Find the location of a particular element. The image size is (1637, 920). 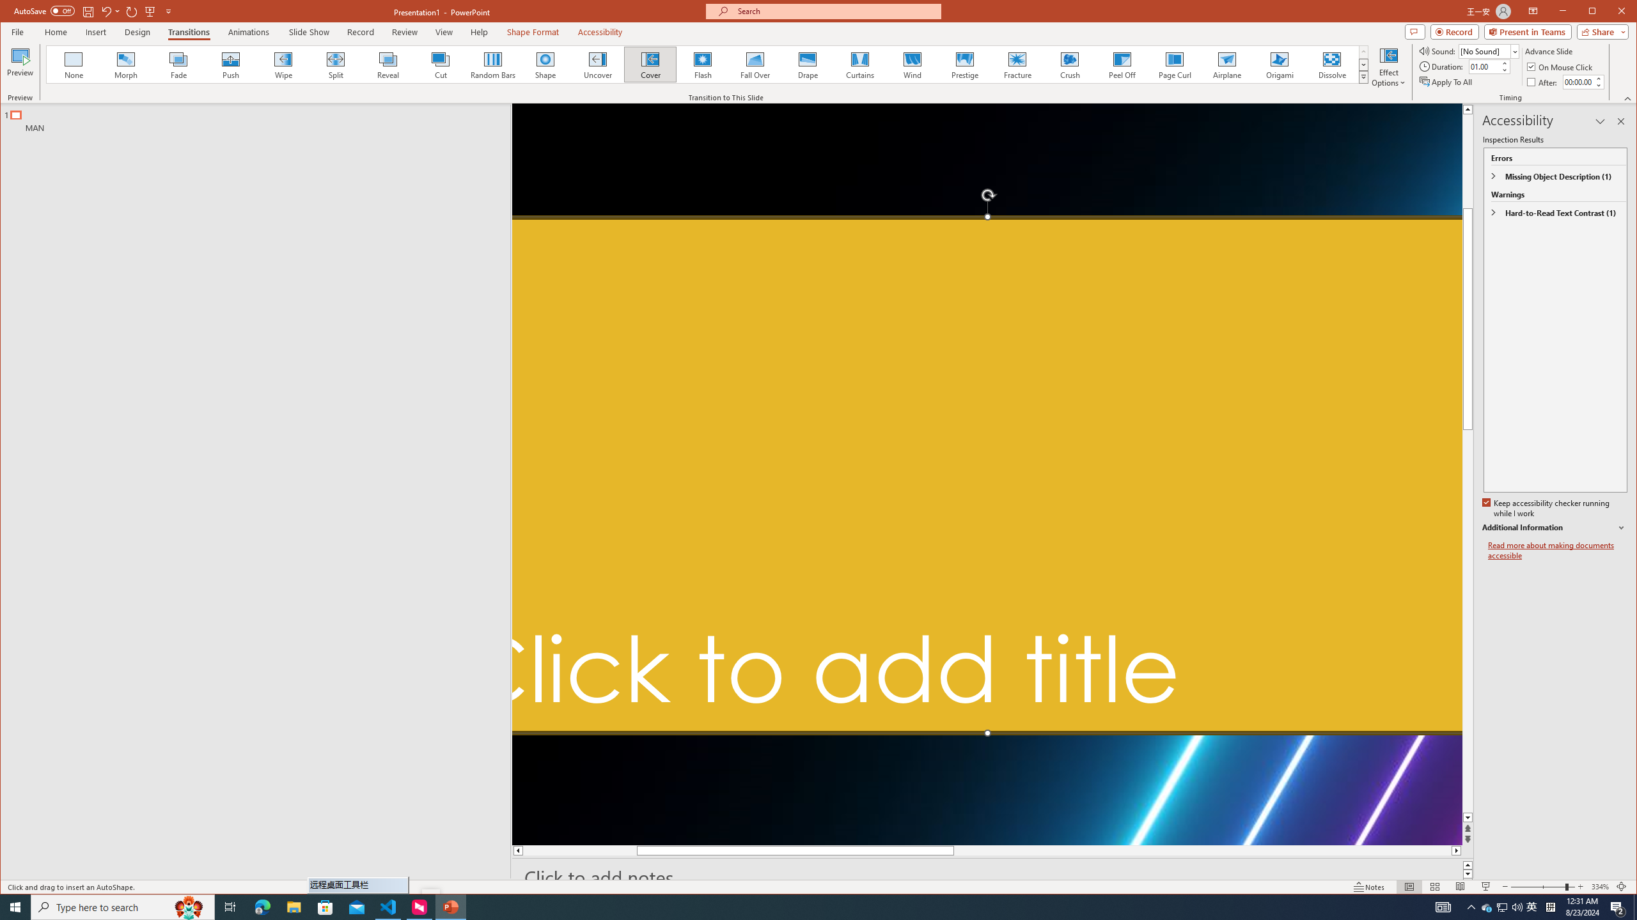

'On Mouse Click' is located at coordinates (1560, 66).